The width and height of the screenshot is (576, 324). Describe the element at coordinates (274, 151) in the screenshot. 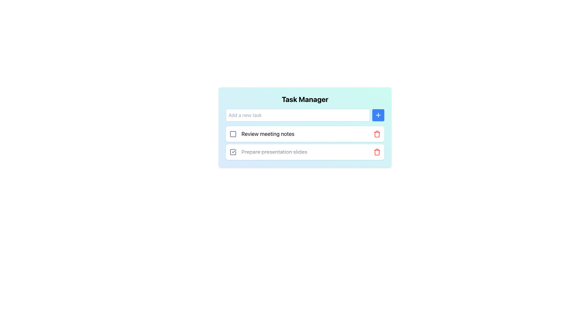

I see `the text label displaying 'Prepare presentation slides', which is styled with a line-through and gray color, indicating it is a completed task in the Task Manager` at that location.